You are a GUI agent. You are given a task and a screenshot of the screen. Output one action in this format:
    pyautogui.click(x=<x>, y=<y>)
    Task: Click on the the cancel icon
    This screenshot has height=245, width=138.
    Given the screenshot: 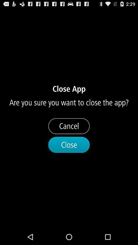 What is the action you would take?
    pyautogui.click(x=69, y=126)
    